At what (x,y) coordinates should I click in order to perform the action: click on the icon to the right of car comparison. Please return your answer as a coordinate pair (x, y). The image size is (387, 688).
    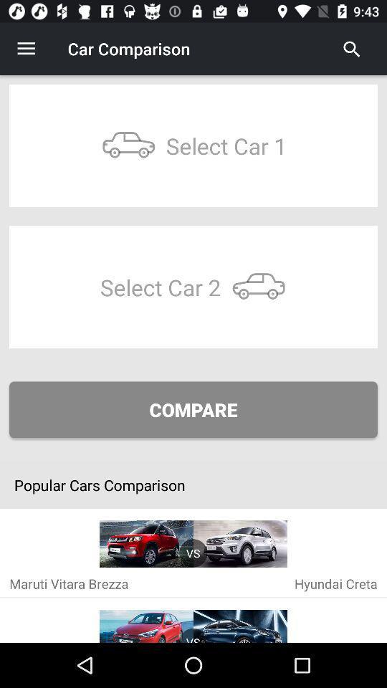
    Looking at the image, I should click on (351, 49).